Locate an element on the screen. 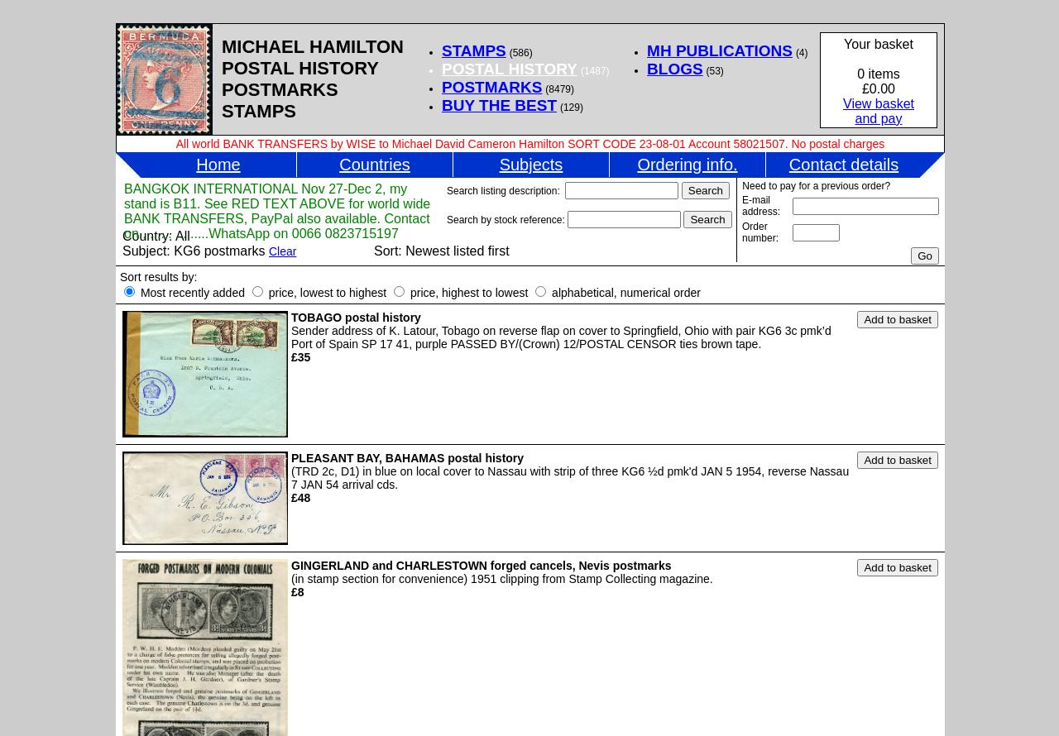  'Country: All' is located at coordinates (156, 235).